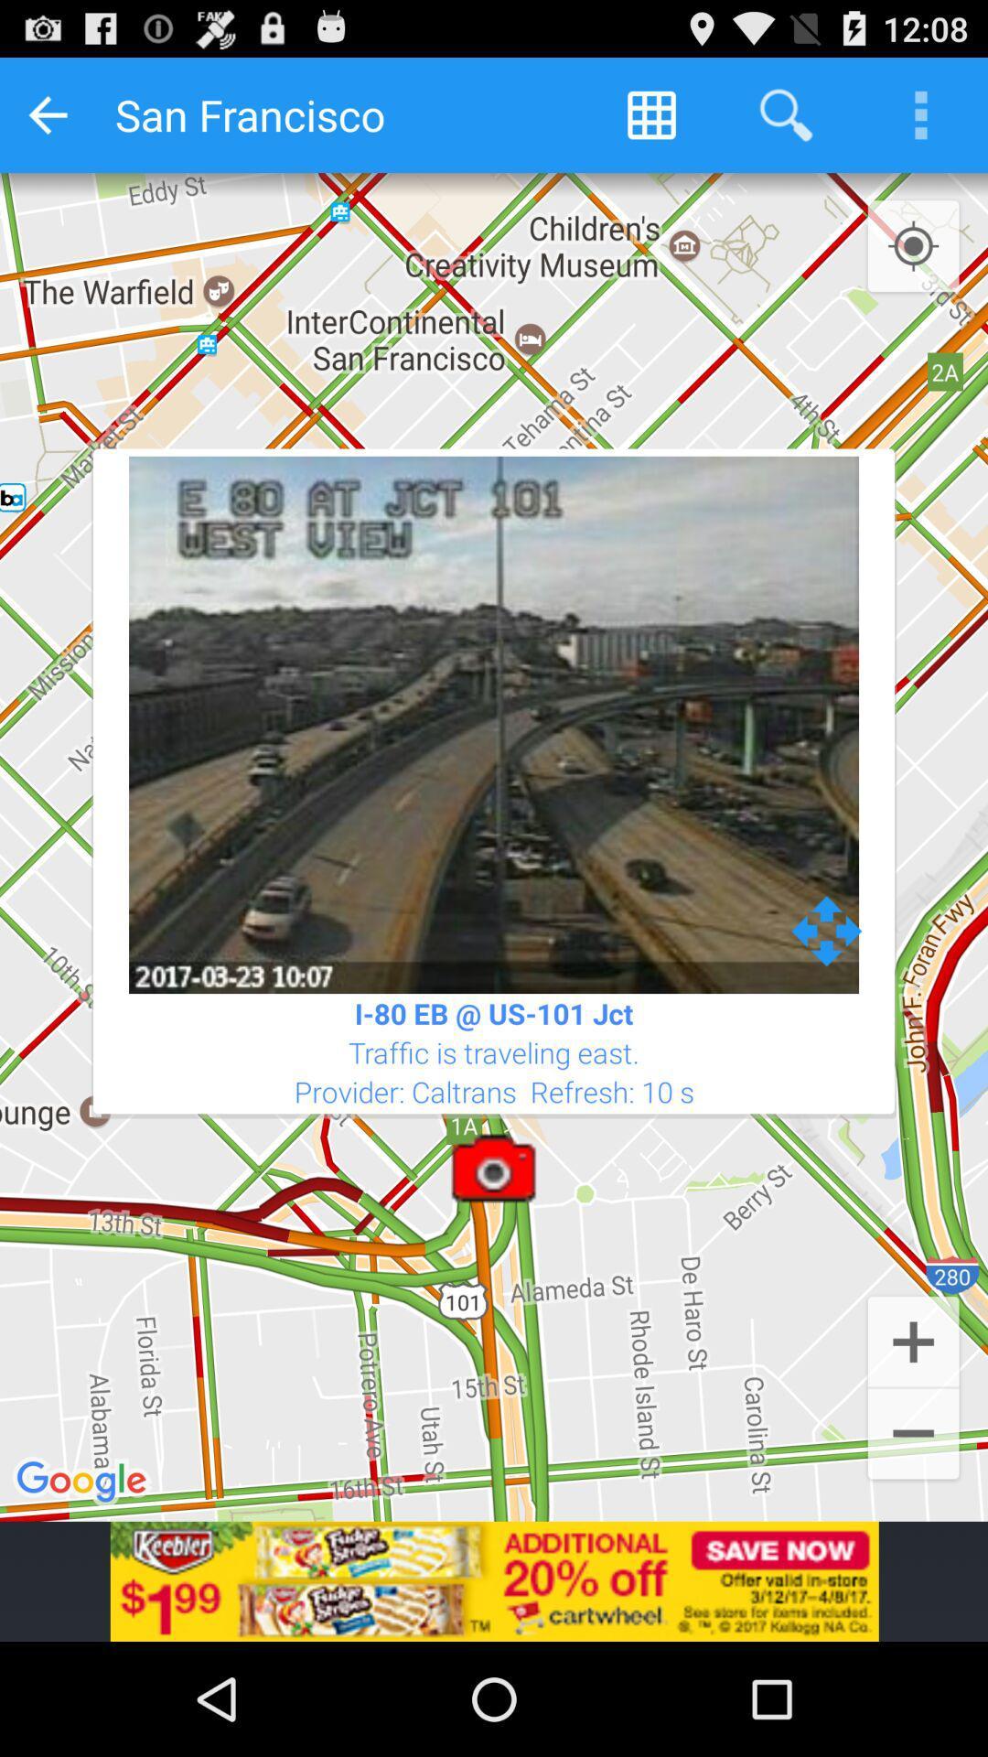 This screenshot has width=988, height=1757. I want to click on adverts, so click(494, 1580).